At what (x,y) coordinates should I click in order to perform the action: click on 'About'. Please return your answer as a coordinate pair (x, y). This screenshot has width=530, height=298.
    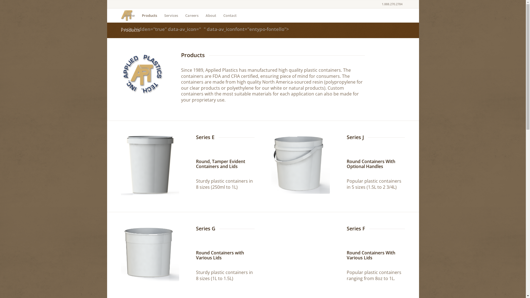
    Looking at the image, I should click on (202, 15).